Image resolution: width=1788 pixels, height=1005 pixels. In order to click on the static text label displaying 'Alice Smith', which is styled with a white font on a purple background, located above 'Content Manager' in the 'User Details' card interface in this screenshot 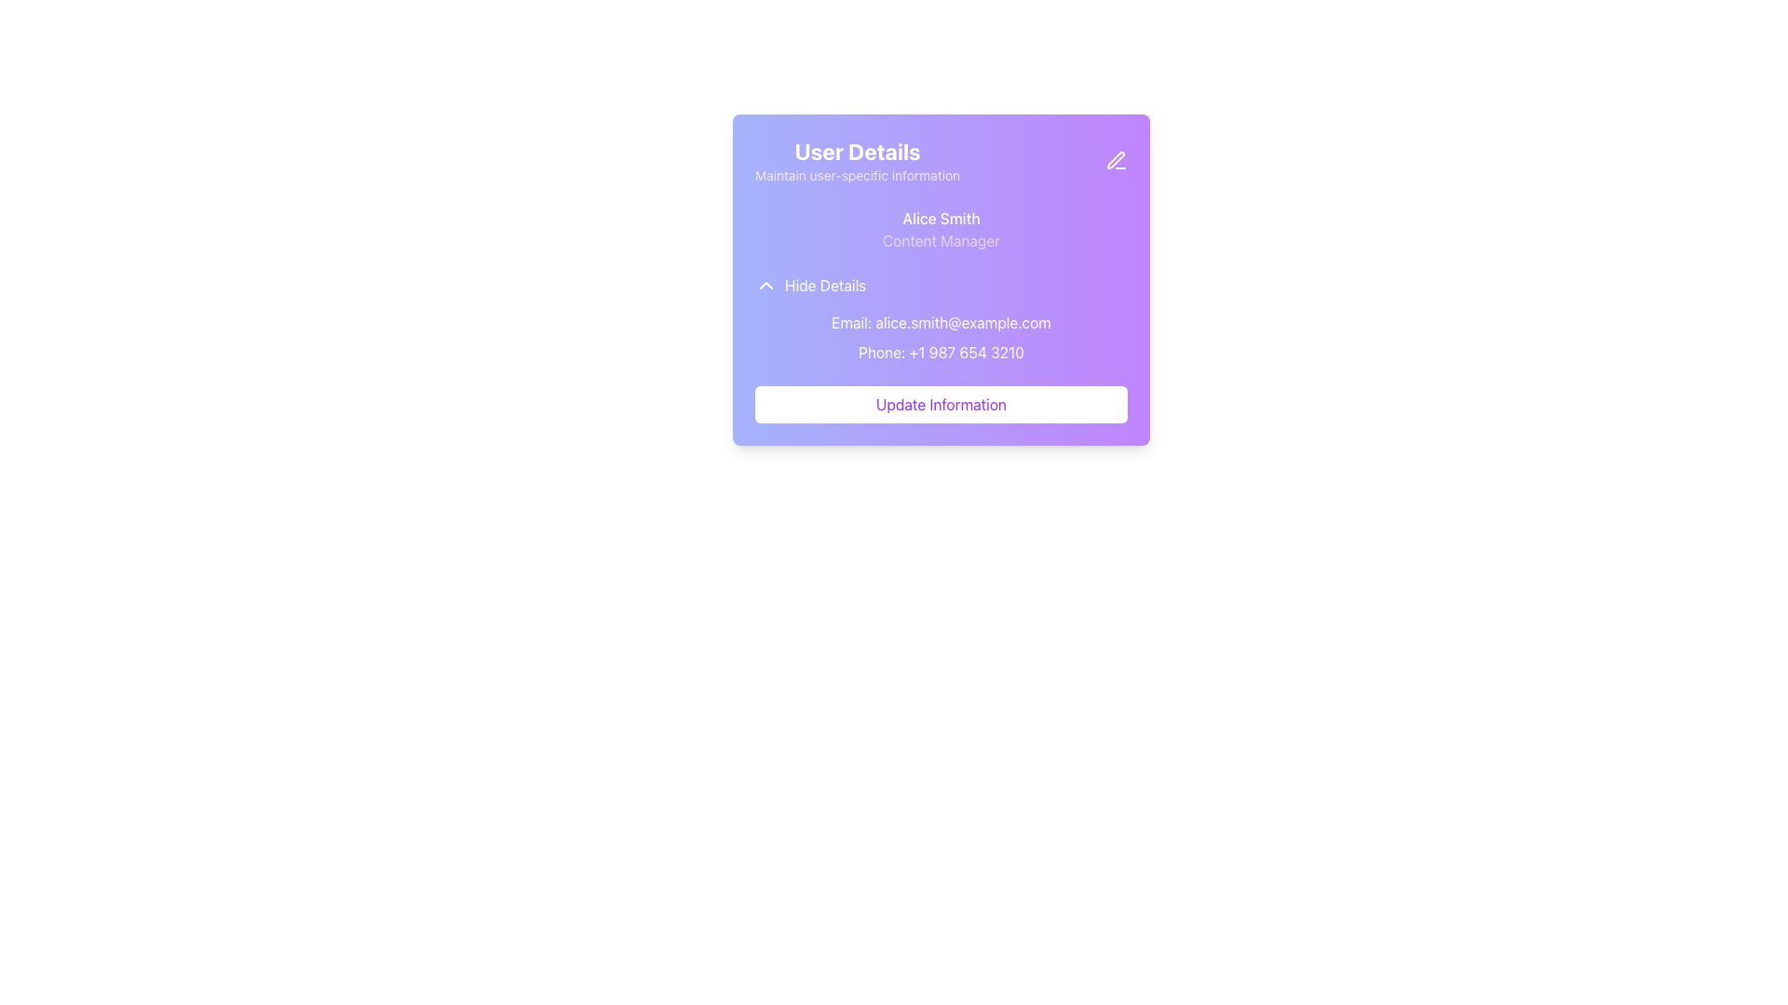, I will do `click(941, 218)`.